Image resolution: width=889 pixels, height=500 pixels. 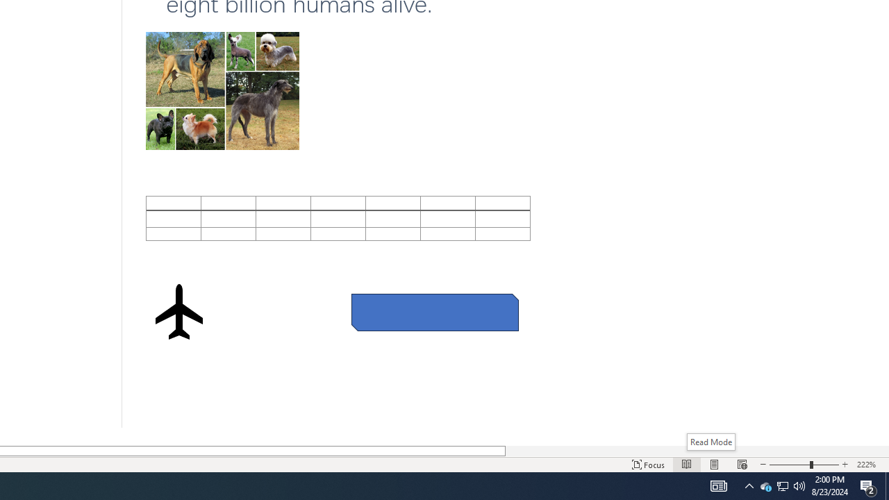 I want to click on 'Rectangle: Diagonal Corners Snipped 2', so click(x=434, y=312).